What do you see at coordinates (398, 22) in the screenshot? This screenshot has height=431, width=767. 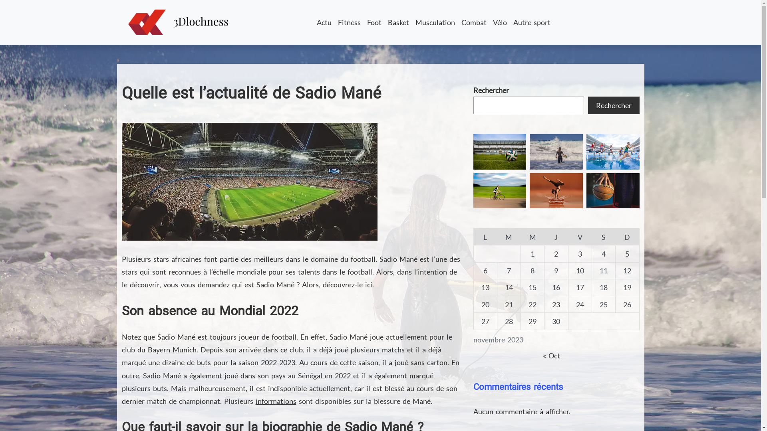 I see `'Basket'` at bounding box center [398, 22].